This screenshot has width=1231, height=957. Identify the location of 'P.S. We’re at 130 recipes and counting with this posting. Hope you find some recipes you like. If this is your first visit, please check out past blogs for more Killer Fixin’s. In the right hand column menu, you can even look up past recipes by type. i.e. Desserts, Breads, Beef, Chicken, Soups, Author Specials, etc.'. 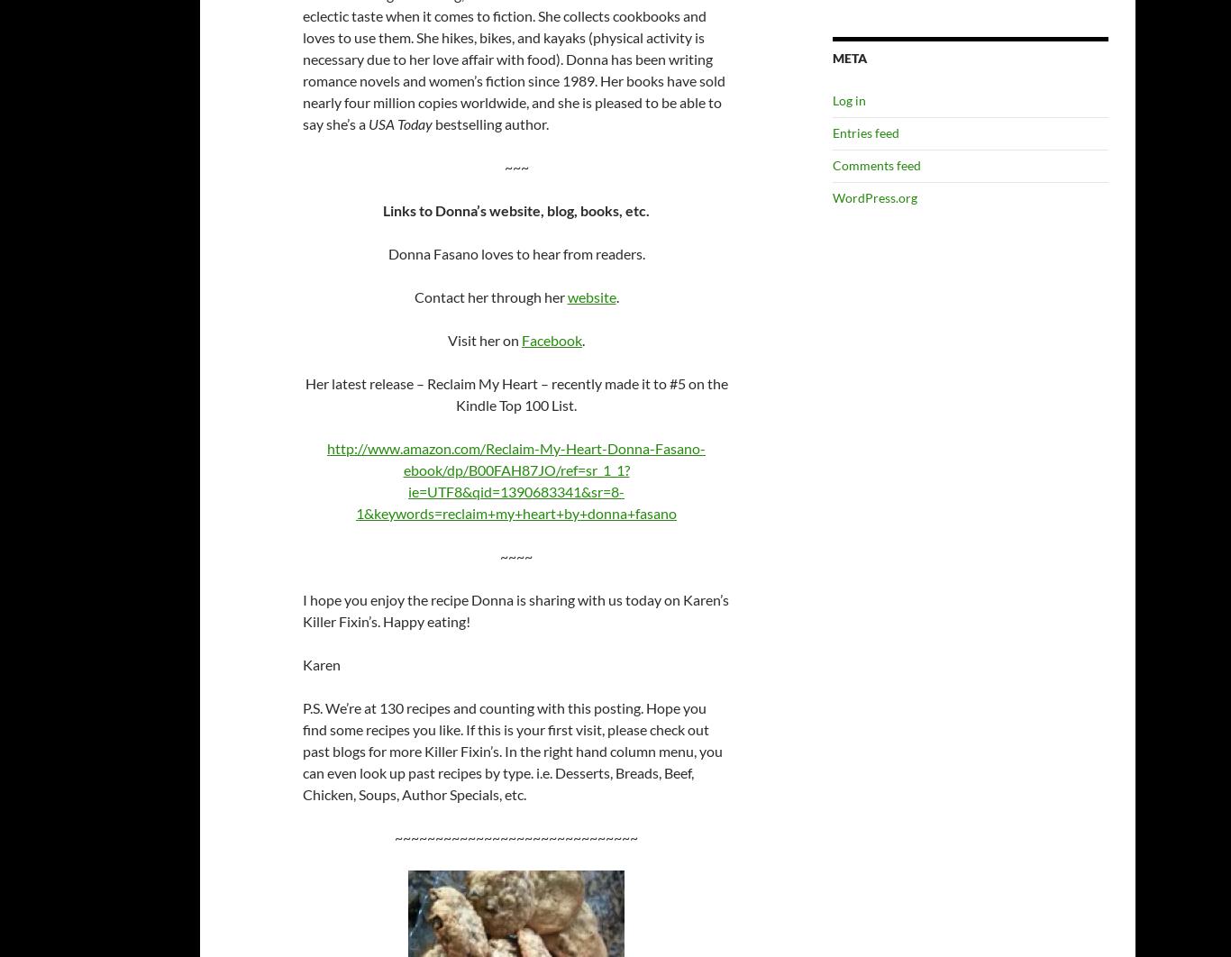
(512, 750).